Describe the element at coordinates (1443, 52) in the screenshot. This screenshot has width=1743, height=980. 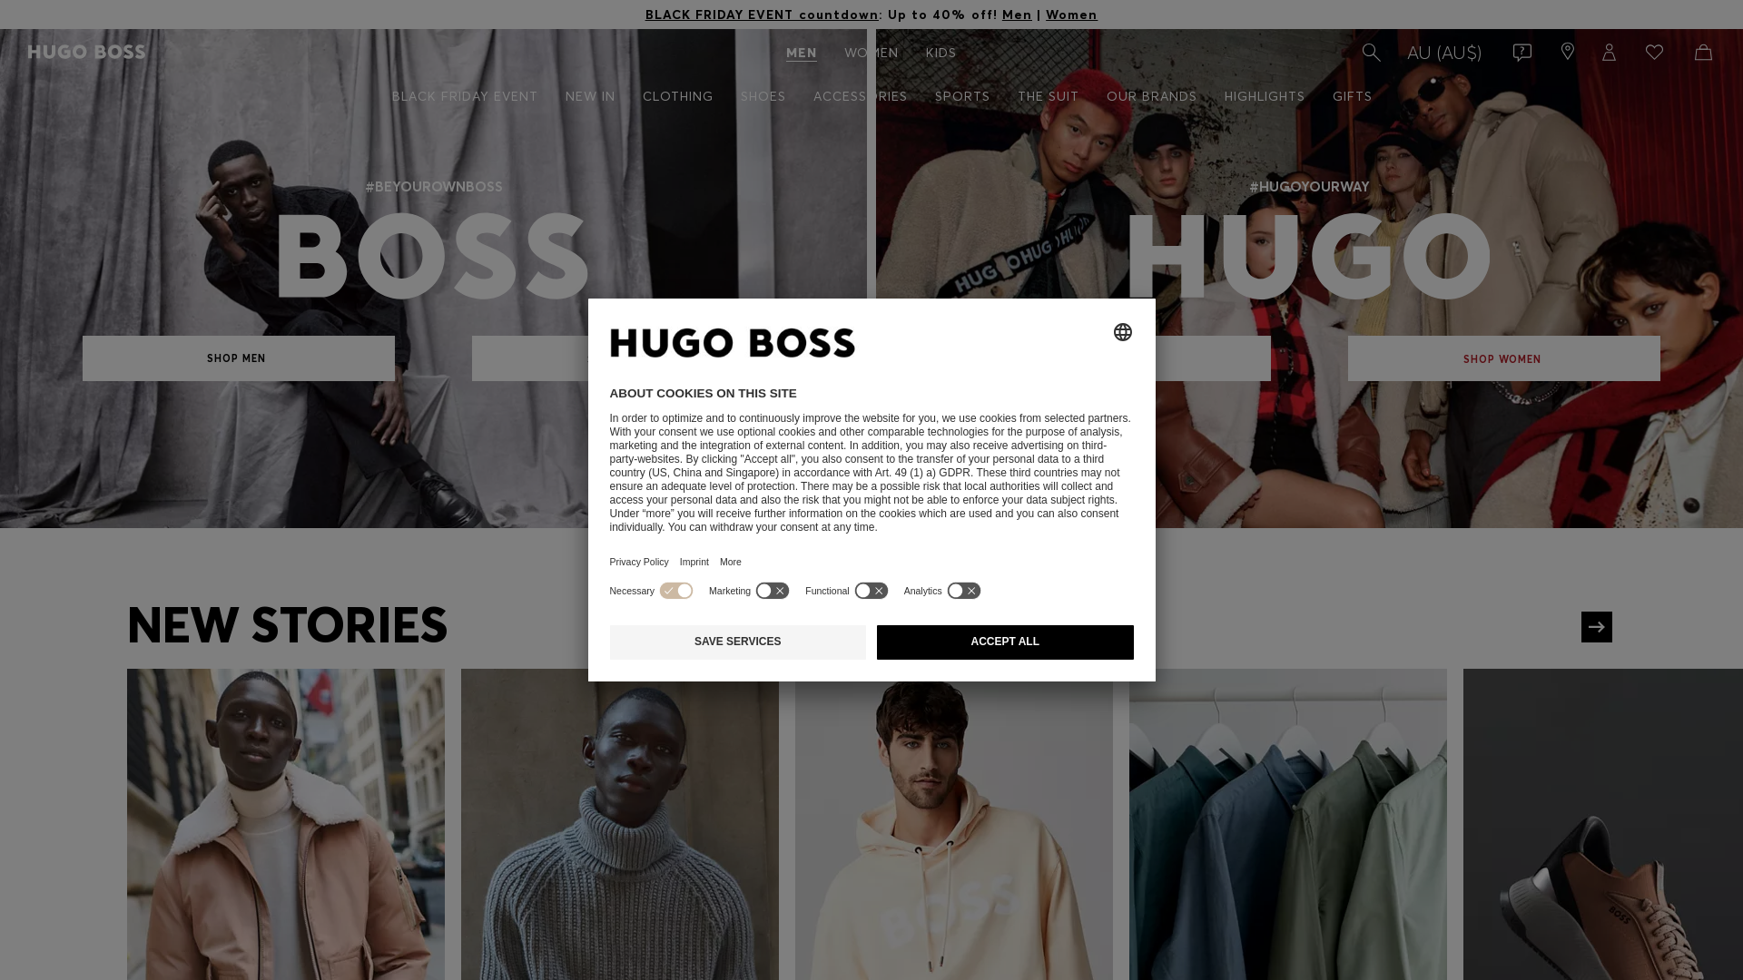
I see `'AU (AU$)'` at that location.